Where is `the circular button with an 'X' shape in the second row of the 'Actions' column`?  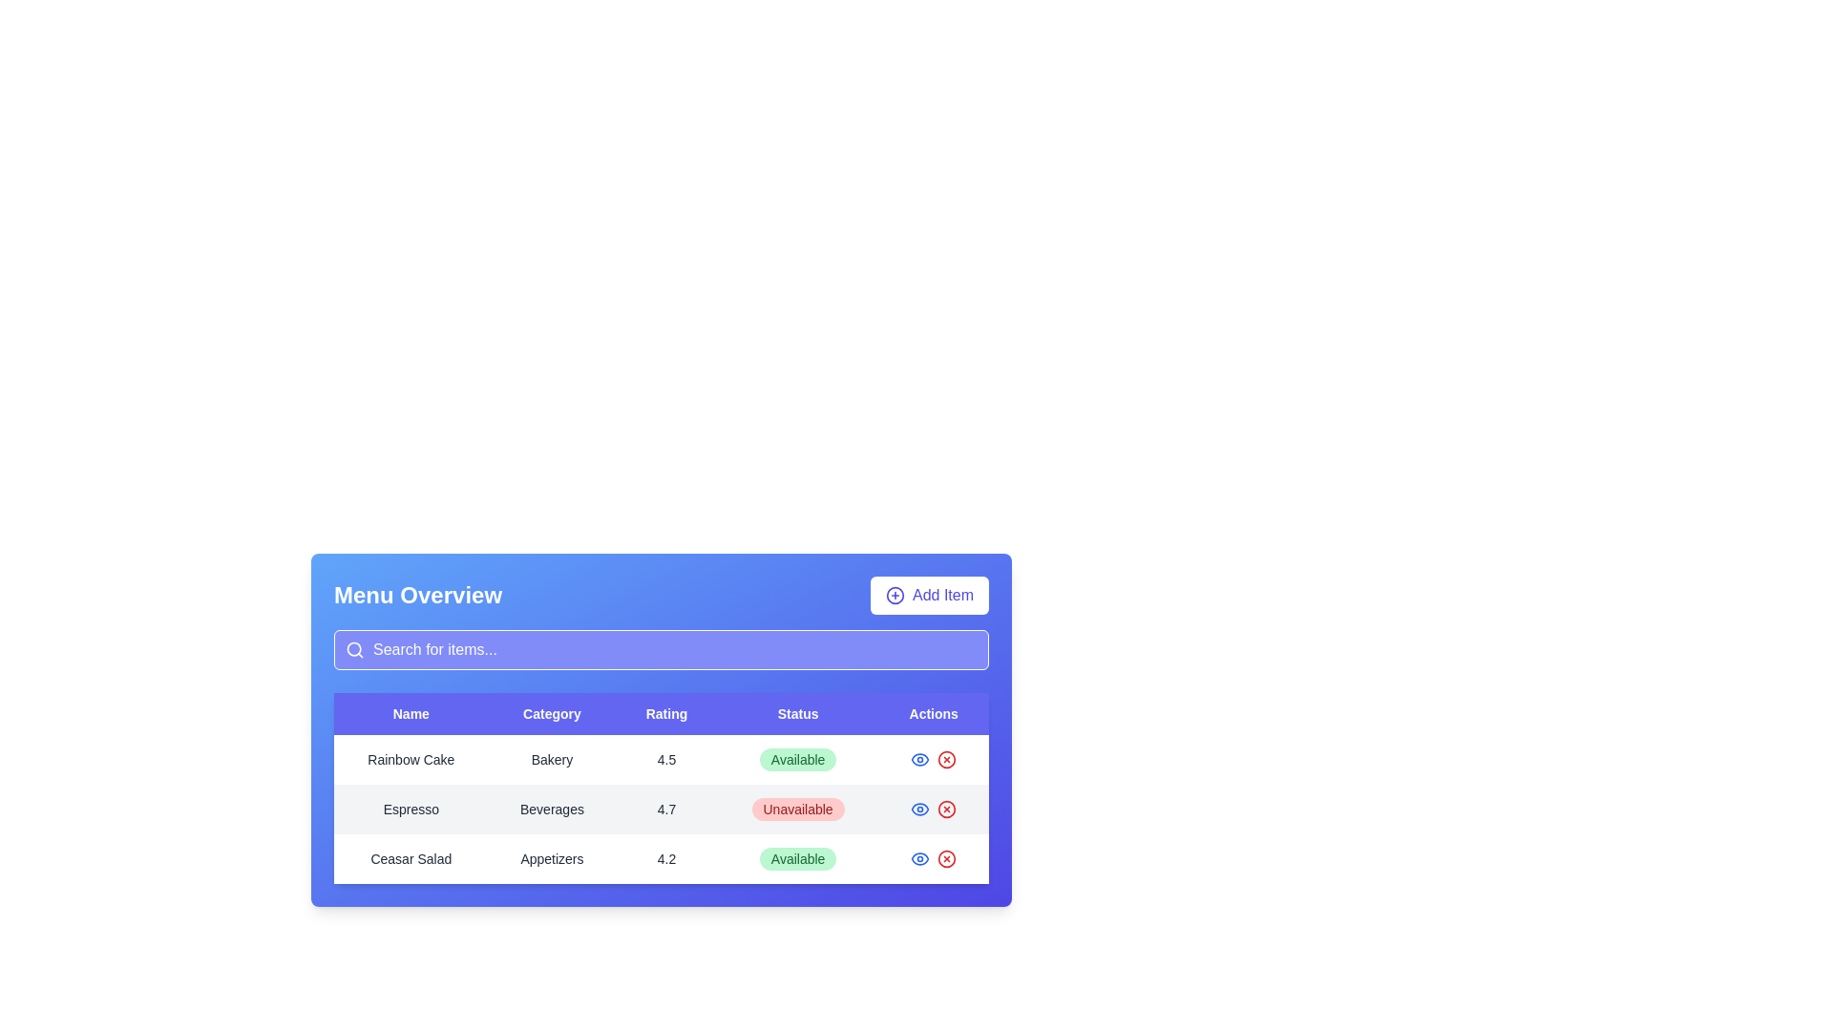 the circular button with an 'X' shape in the second row of the 'Actions' column is located at coordinates (947, 810).